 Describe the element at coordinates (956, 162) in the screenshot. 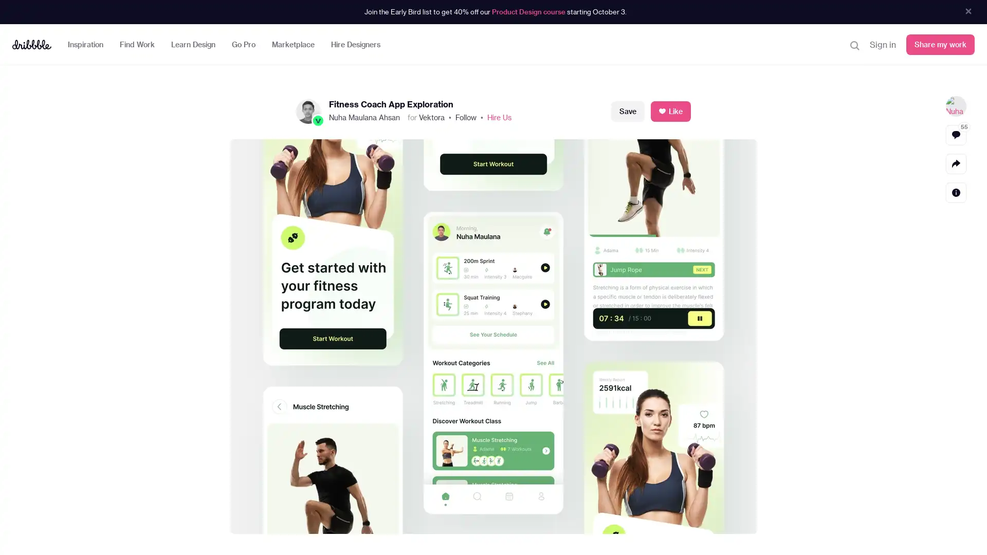

I see `Share actions` at that location.